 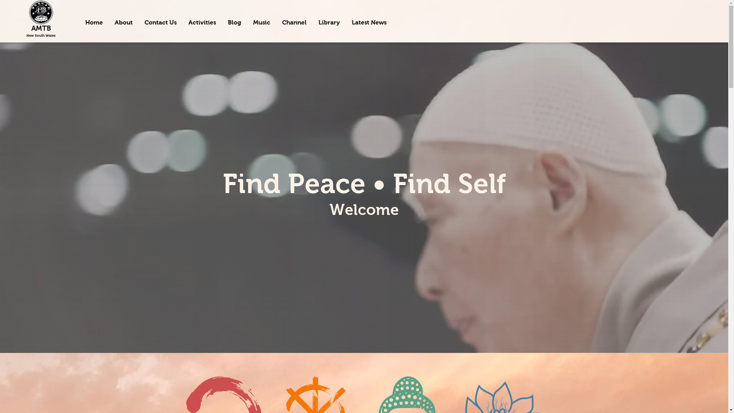 I want to click on 'Music', so click(x=261, y=22).